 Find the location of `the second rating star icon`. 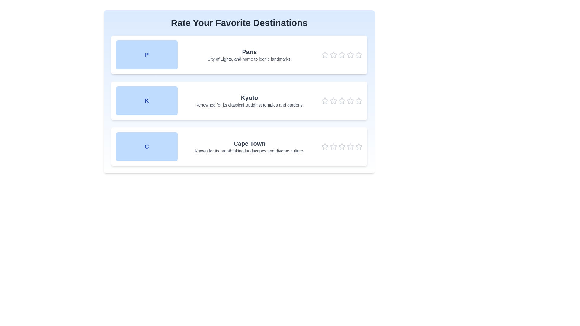

the second rating star icon is located at coordinates (342, 100).